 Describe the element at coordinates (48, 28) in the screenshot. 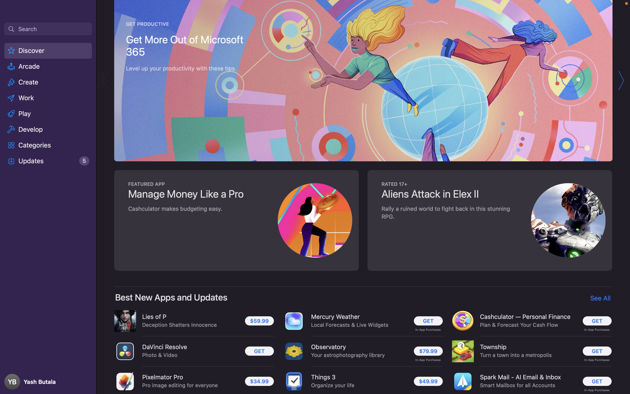

I see `Search for "photo editing" in the search bar` at that location.